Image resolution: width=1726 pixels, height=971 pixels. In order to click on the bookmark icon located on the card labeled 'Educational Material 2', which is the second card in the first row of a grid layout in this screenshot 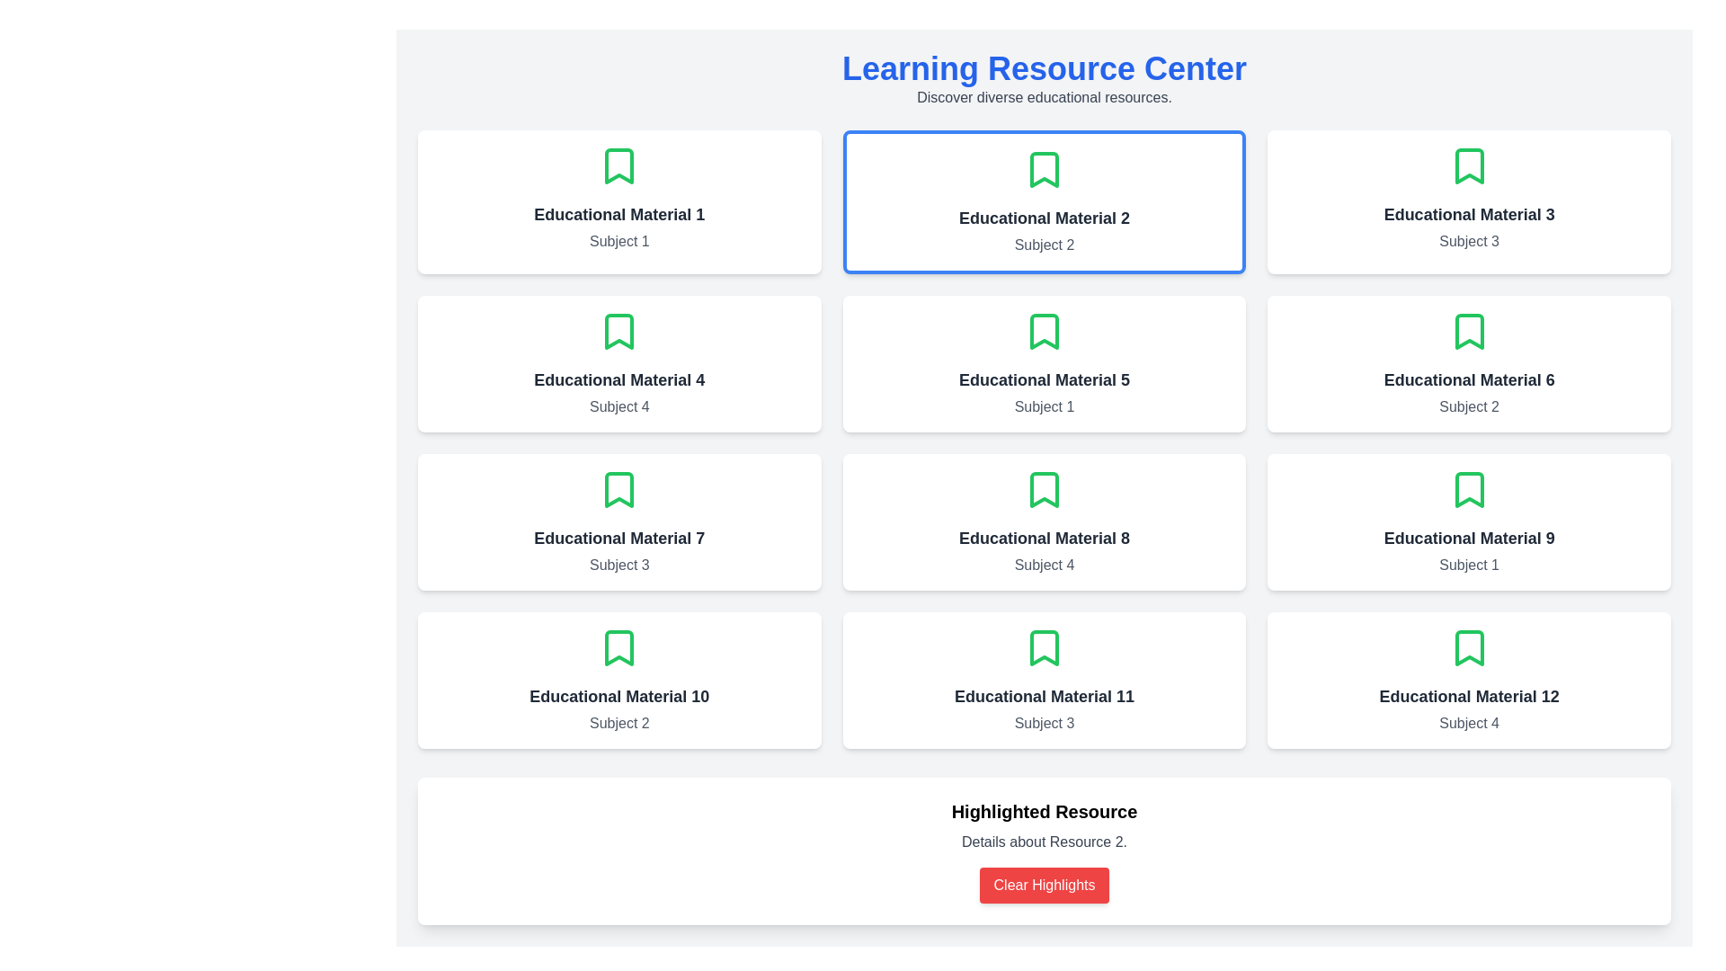, I will do `click(1044, 170)`.